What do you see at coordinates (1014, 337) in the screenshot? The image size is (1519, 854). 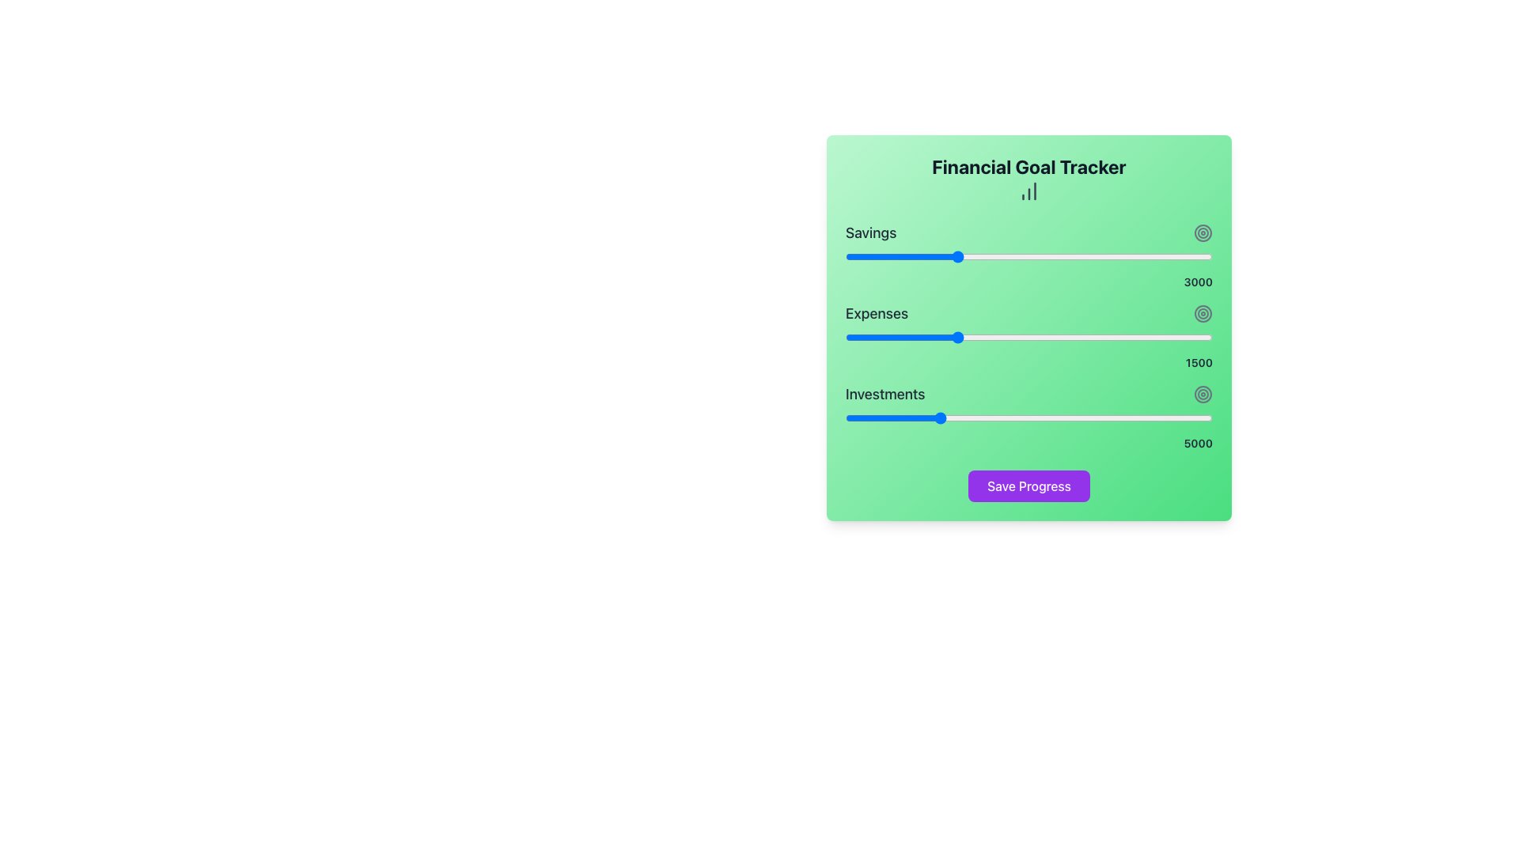 I see `the expense value` at bounding box center [1014, 337].